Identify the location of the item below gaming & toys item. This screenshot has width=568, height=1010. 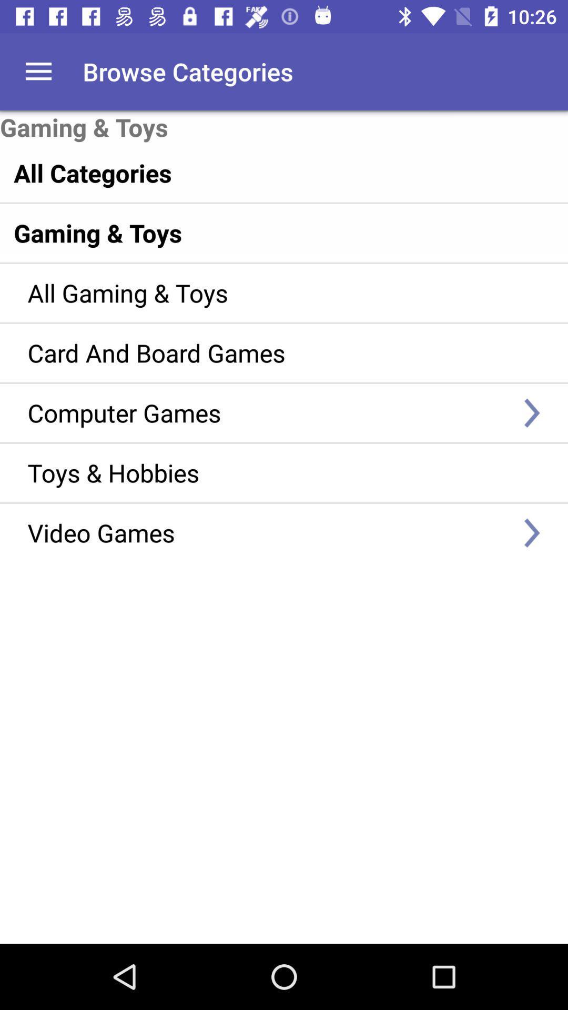
(261, 173).